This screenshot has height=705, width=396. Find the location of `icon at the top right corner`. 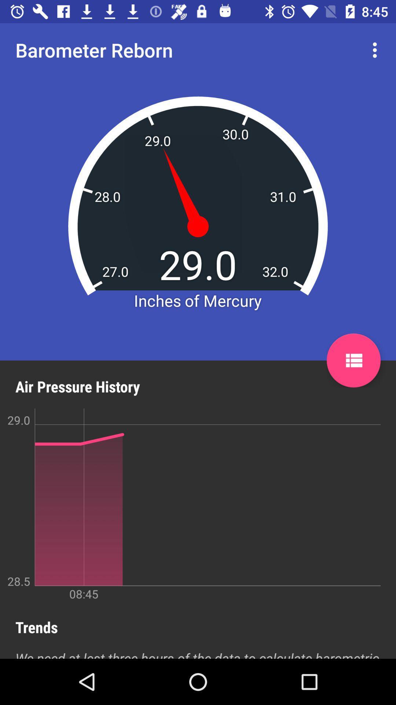

icon at the top right corner is located at coordinates (377, 50).